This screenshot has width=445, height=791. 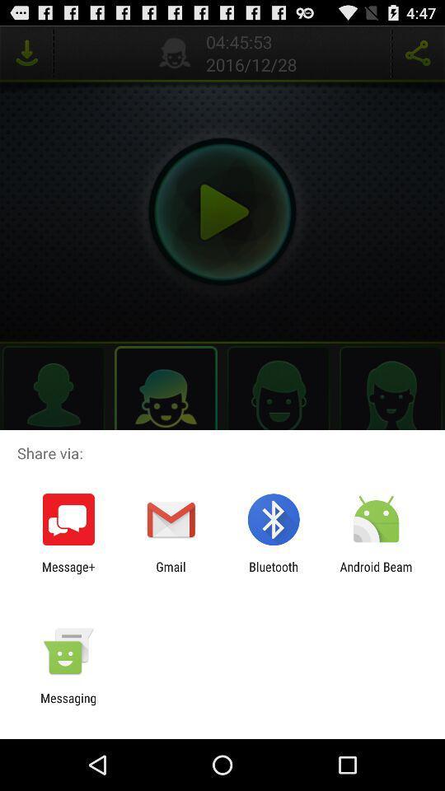 I want to click on the bluetooth app, so click(x=274, y=573).